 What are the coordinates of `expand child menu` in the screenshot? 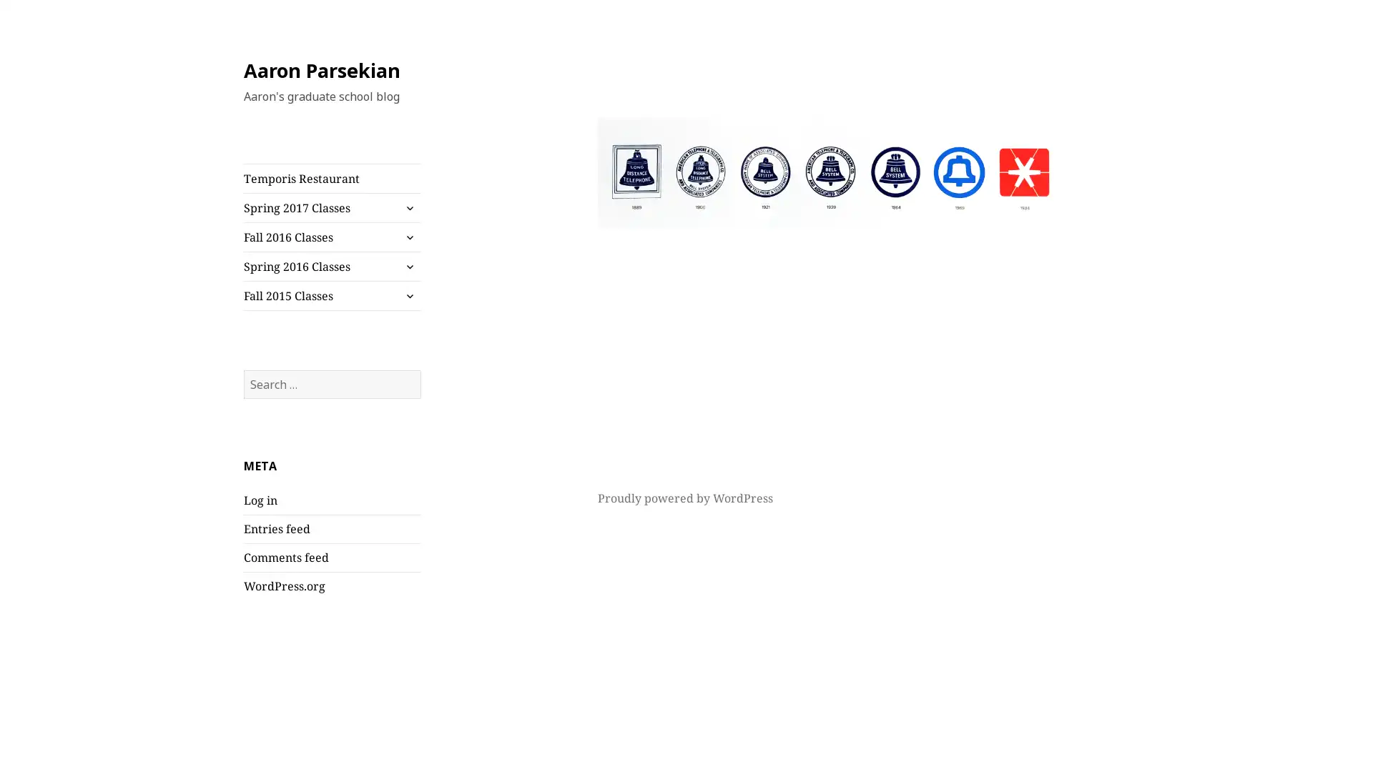 It's located at (408, 236).